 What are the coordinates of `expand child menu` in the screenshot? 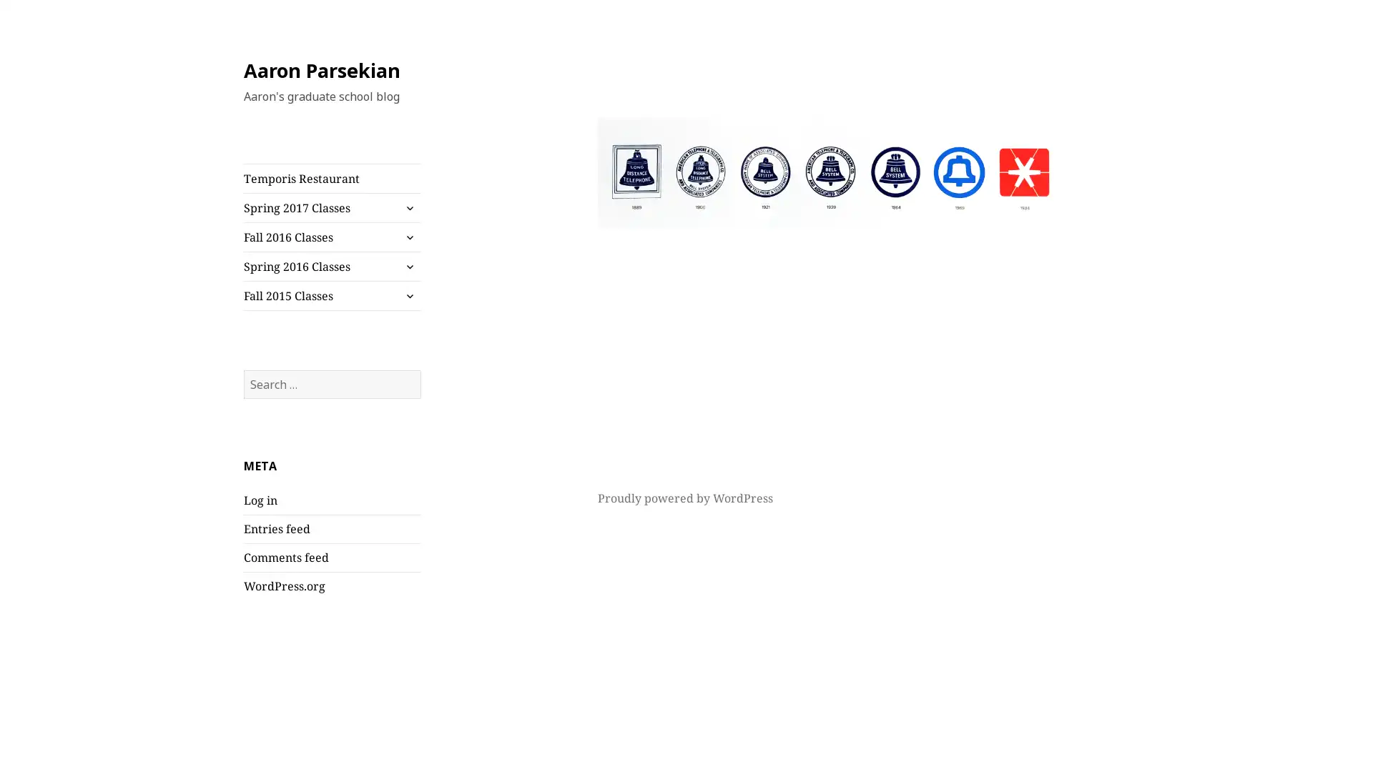 It's located at (408, 236).